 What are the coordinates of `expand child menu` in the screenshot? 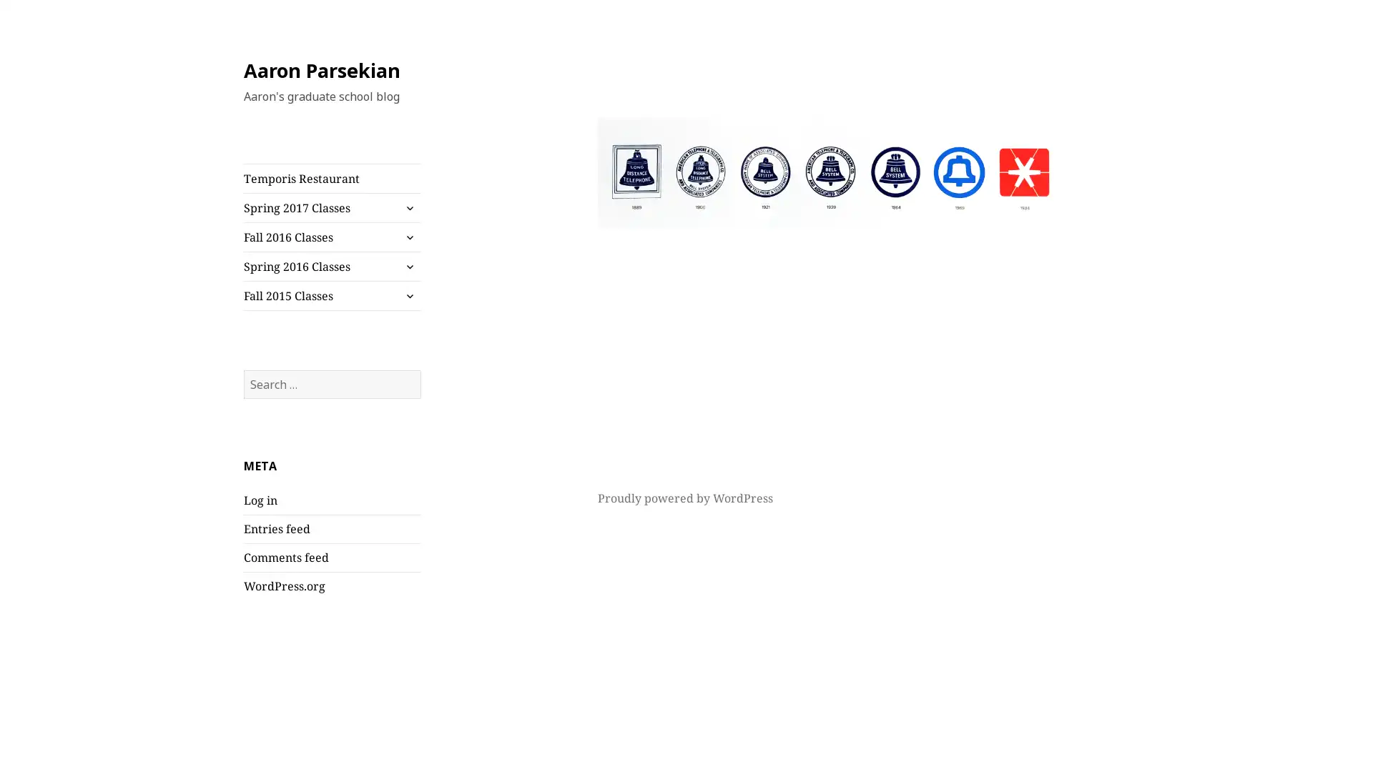 It's located at (408, 236).